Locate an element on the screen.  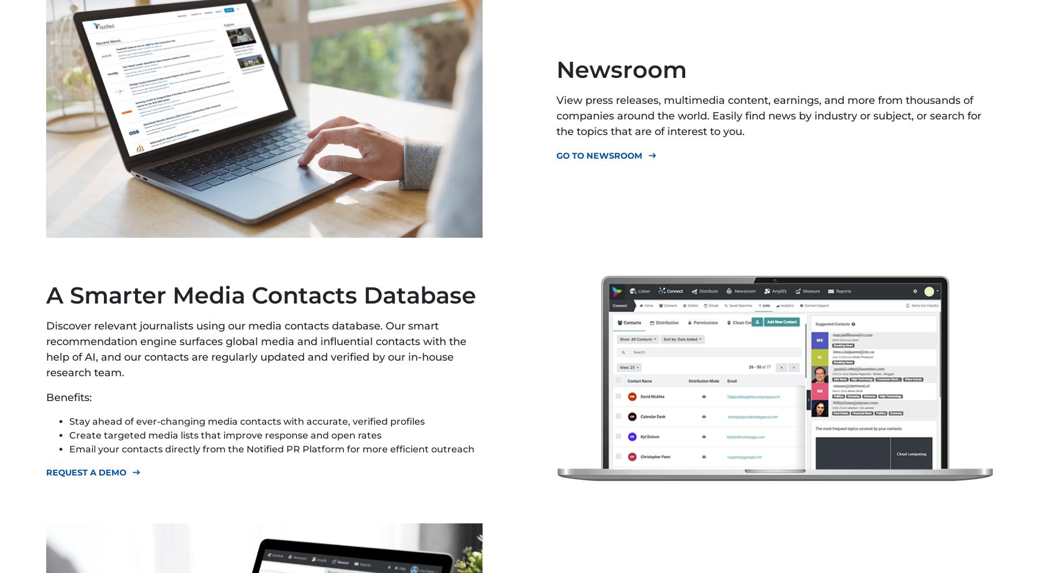
'View press releases, multimedia content, earnings, and more from thousands of companies around the world. Easily find news by industry or subject, or search for the topics that are of interest to you.' is located at coordinates (769, 115).